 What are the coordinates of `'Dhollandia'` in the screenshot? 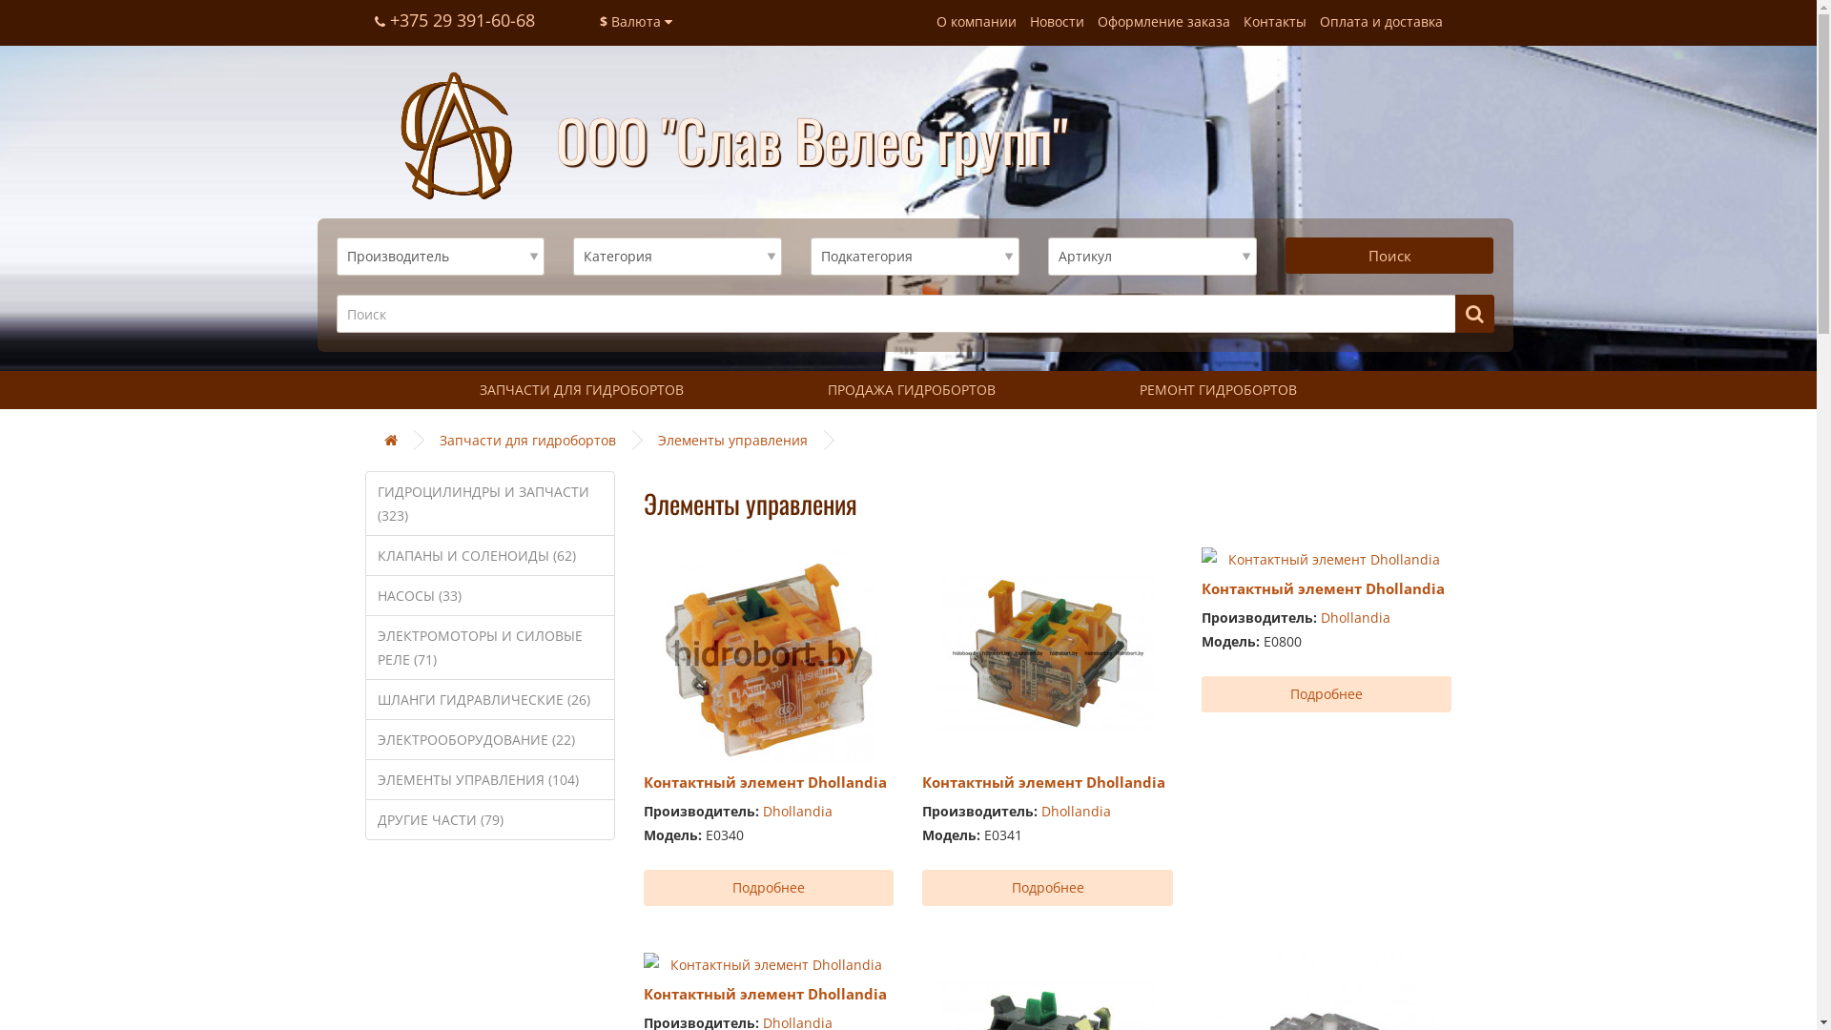 It's located at (797, 811).